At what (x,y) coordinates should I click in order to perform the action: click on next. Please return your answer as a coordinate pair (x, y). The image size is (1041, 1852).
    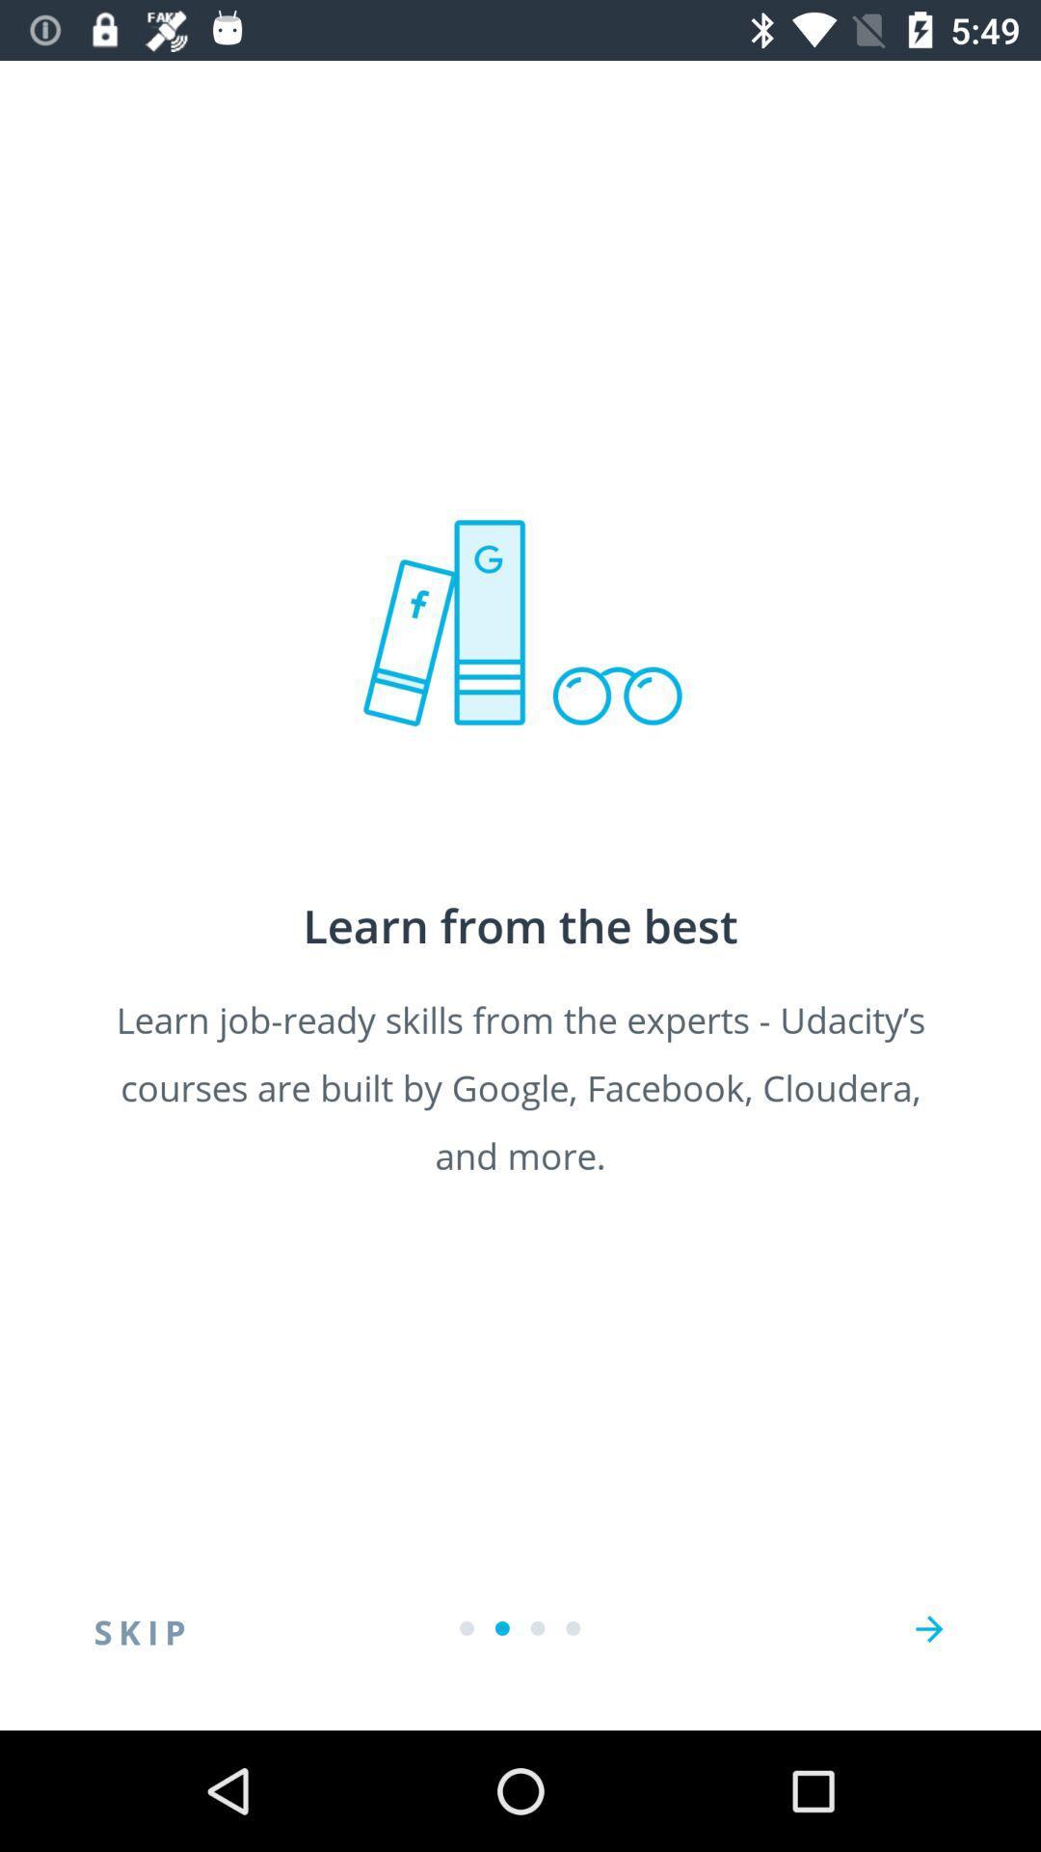
    Looking at the image, I should click on (928, 1628).